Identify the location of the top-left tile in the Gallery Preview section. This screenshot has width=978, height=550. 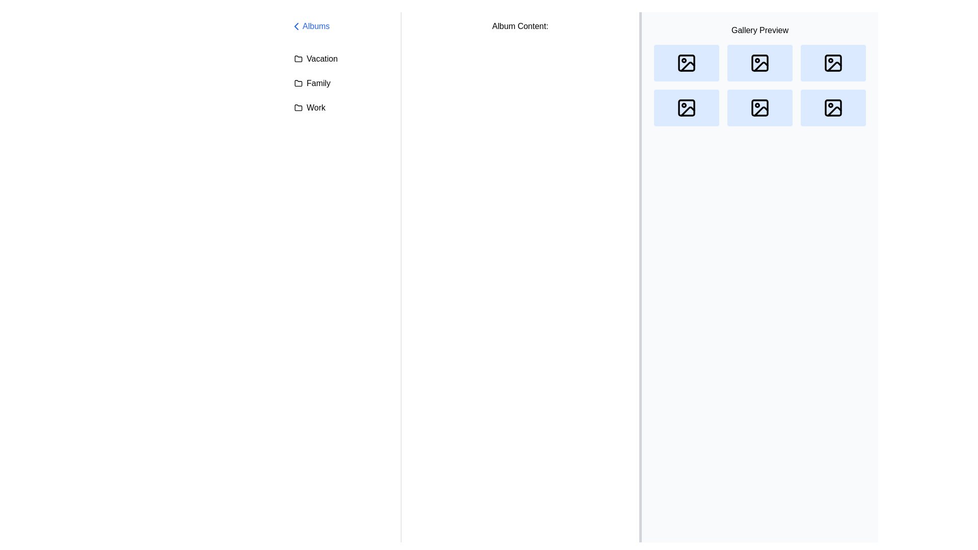
(687, 63).